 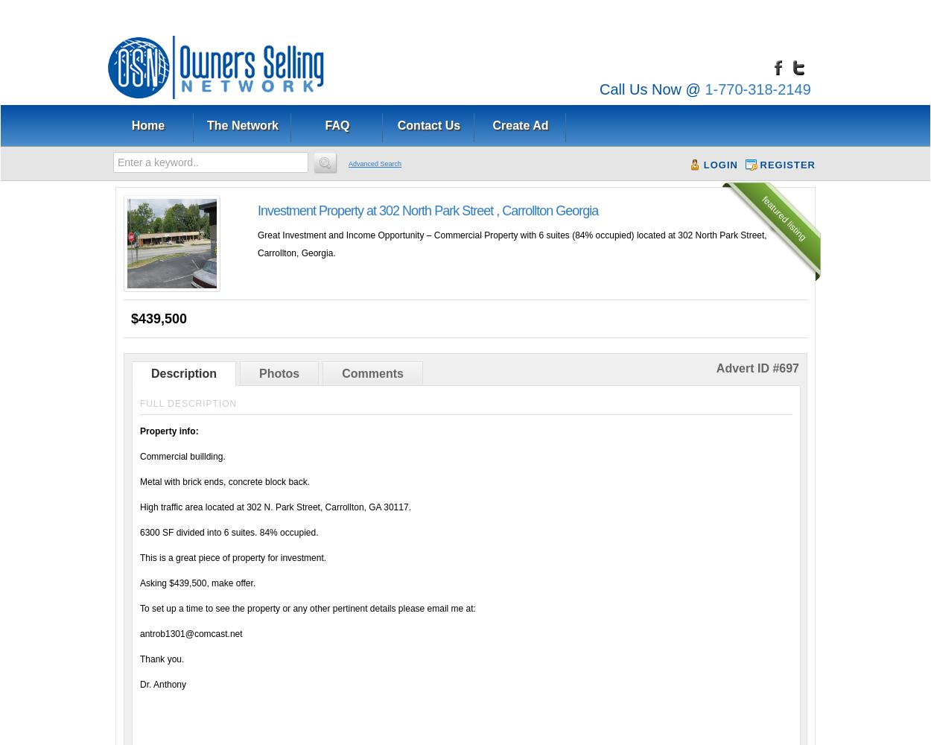 What do you see at coordinates (257, 211) in the screenshot?
I see `'Investment Property at 302 North Park Street , Carrollton Georgia'` at bounding box center [257, 211].